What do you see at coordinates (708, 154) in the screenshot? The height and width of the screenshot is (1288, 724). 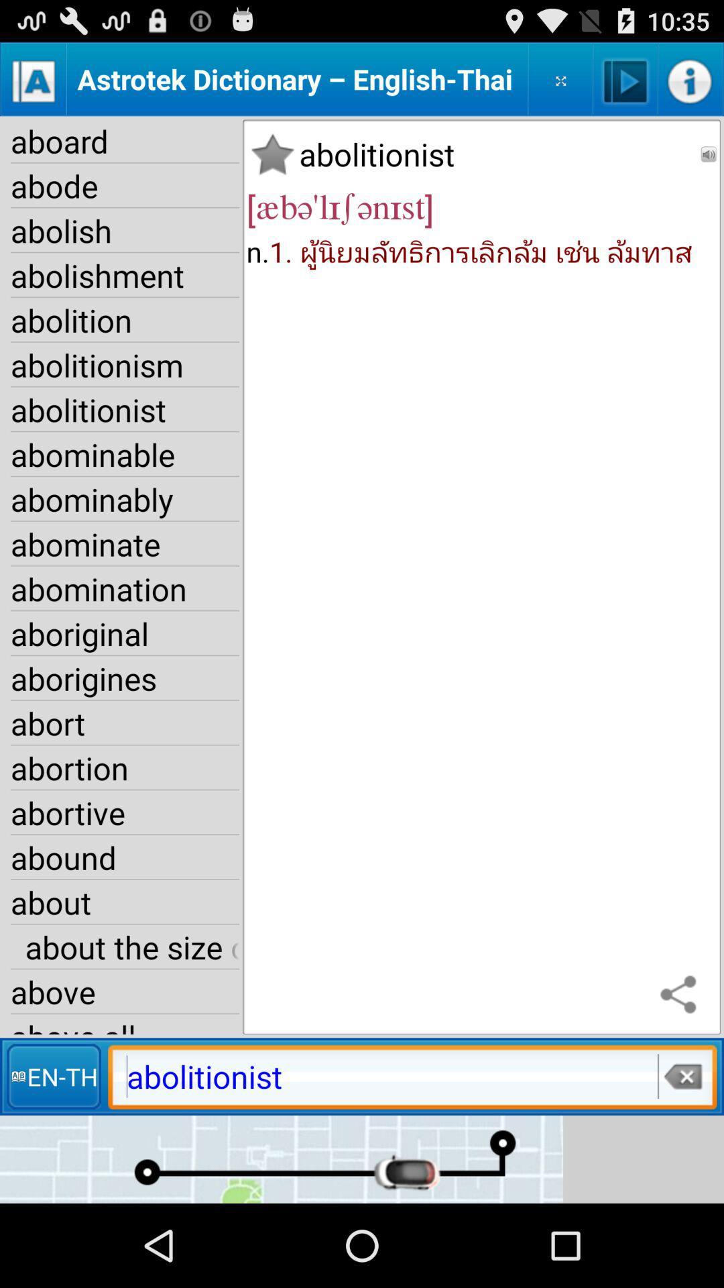 I see `previous` at bounding box center [708, 154].